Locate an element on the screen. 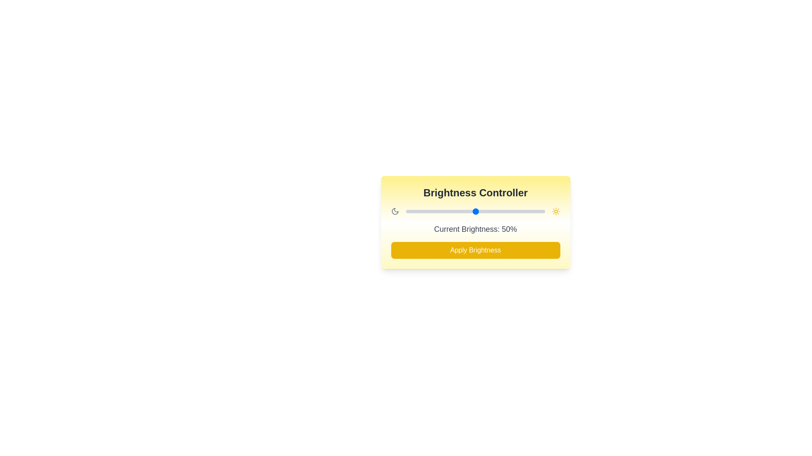 This screenshot has width=812, height=456. the brightness slider to 86% is located at coordinates (525, 211).